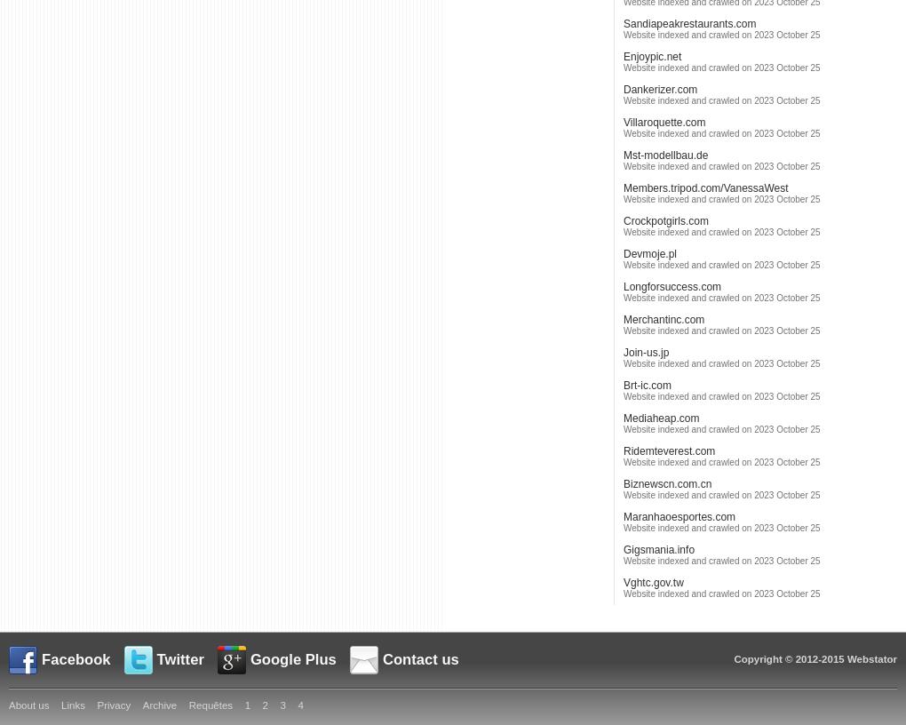 This screenshot has width=906, height=725. Describe the element at coordinates (28, 705) in the screenshot. I see `'About us'` at that location.